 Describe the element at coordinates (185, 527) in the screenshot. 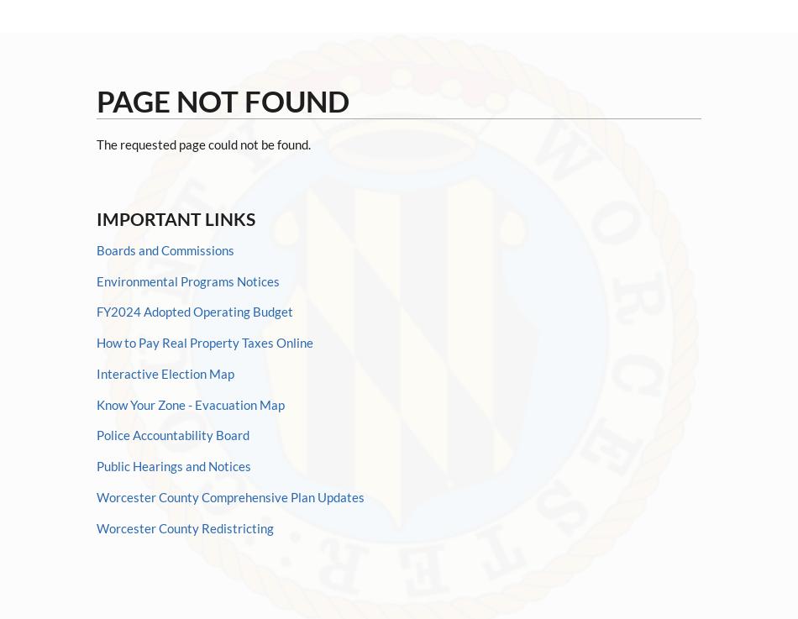

I see `'Worcester County Redistricting'` at that location.